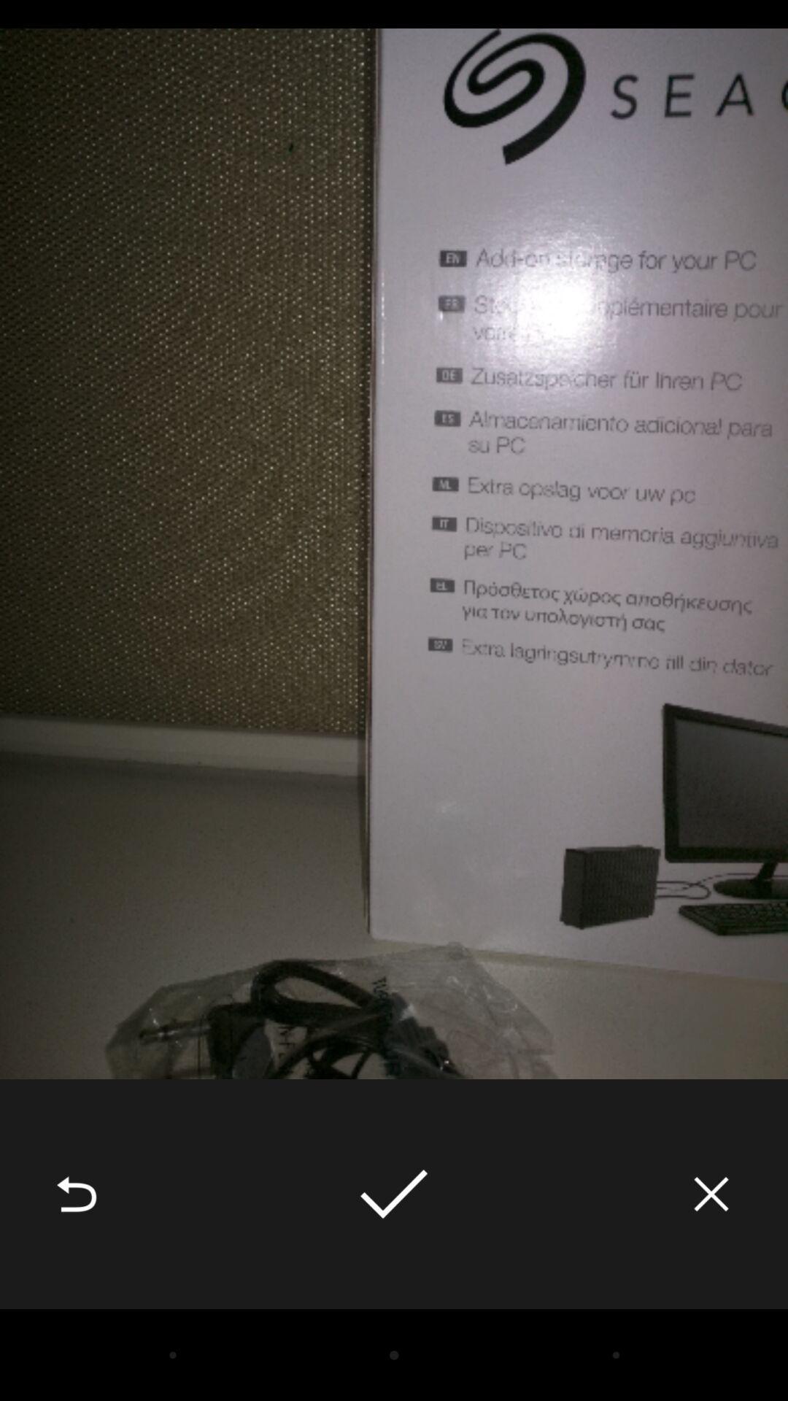 This screenshot has height=1401, width=788. What do you see at coordinates (711, 1194) in the screenshot?
I see `icon at the bottom right corner` at bounding box center [711, 1194].